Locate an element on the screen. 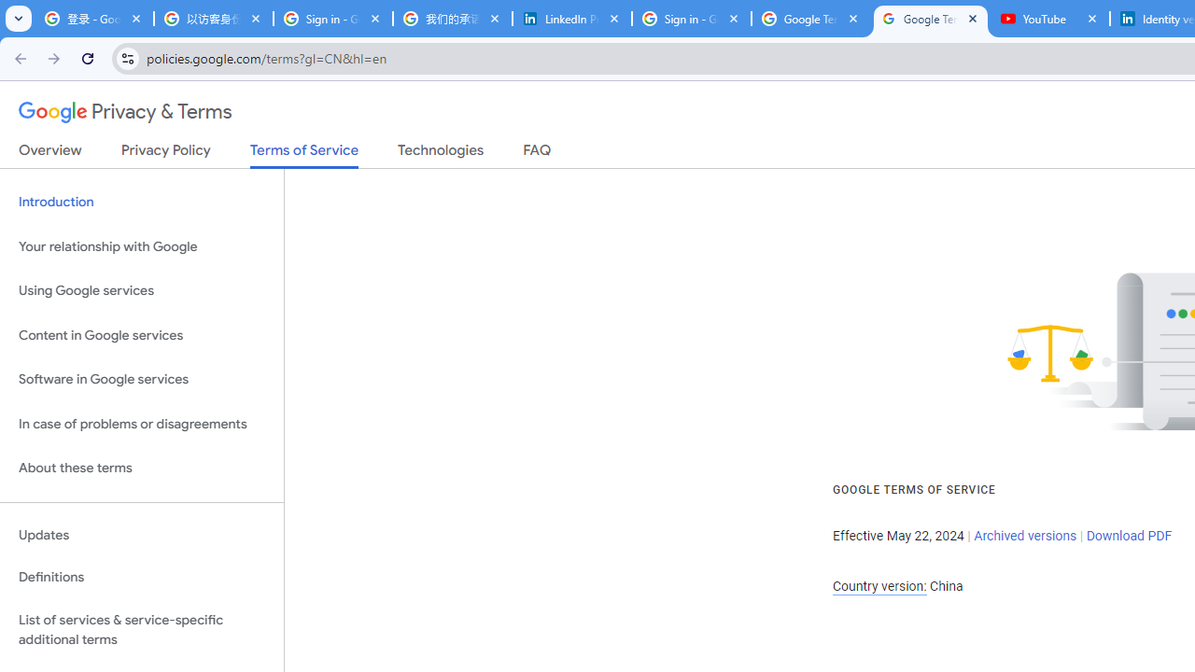 The height and width of the screenshot is (672, 1195). 'Country version:' is located at coordinates (879, 585).